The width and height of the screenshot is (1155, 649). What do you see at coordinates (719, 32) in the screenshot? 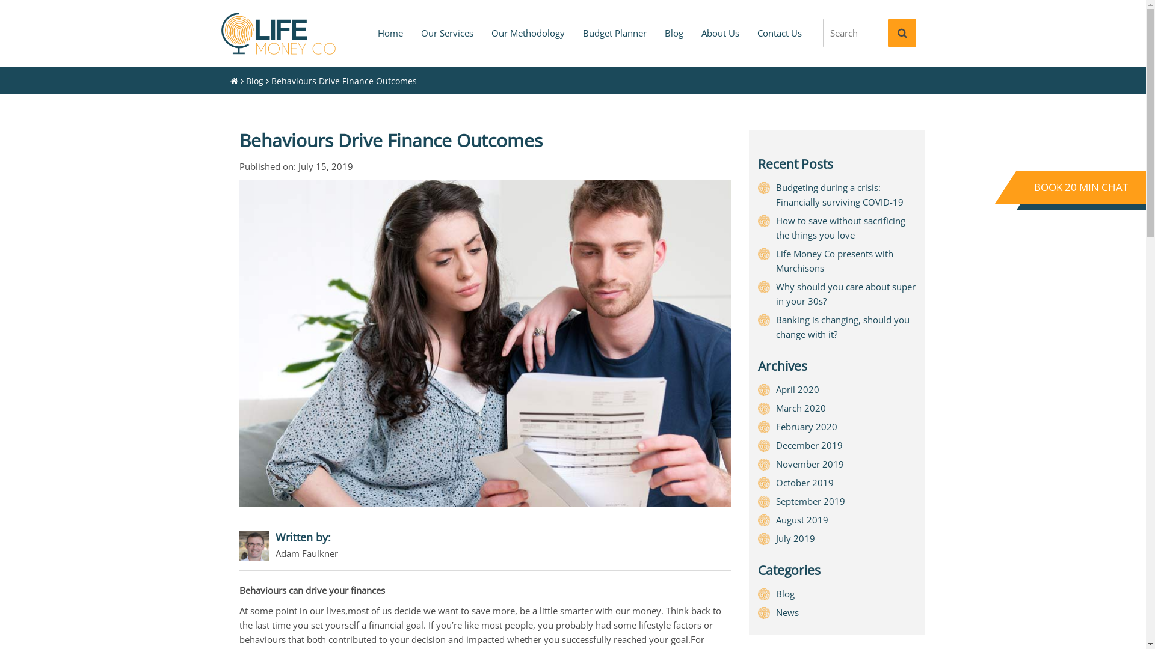
I see `'About Us'` at bounding box center [719, 32].